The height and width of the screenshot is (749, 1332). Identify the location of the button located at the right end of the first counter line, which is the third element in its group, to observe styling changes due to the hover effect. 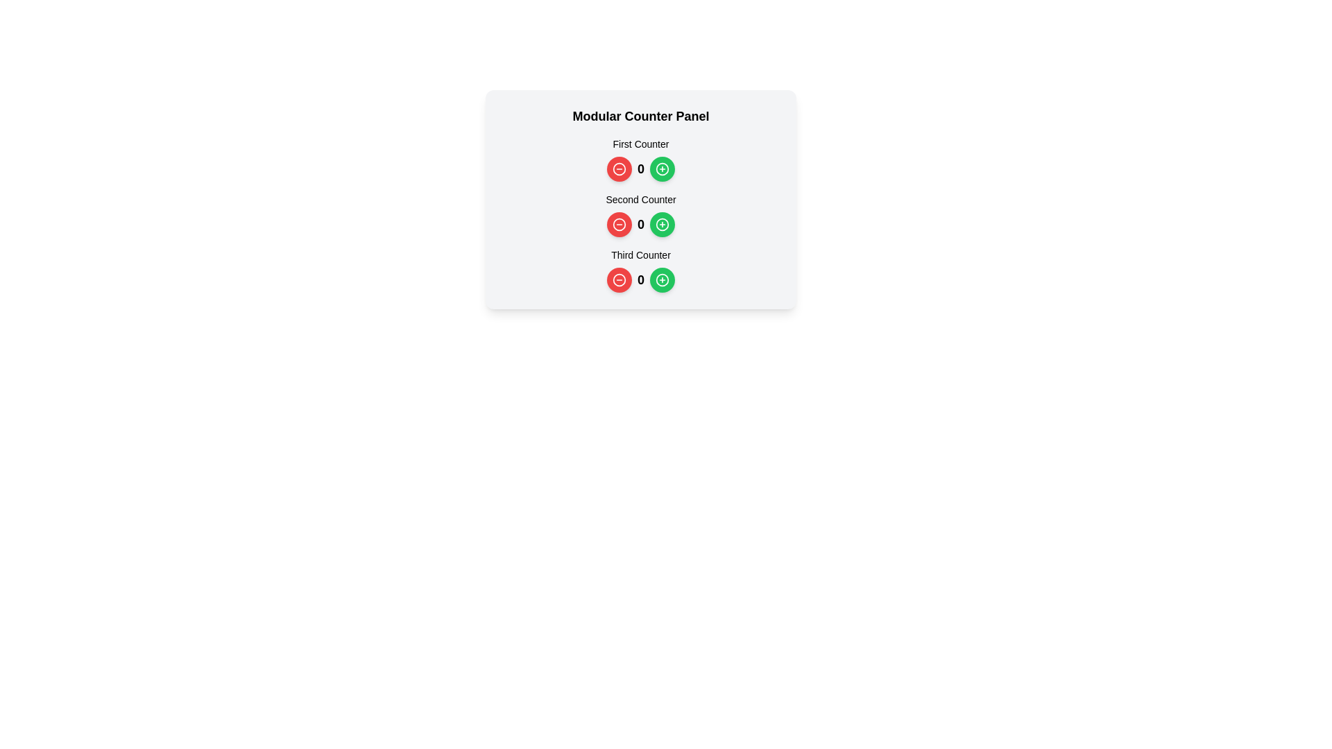
(662, 168).